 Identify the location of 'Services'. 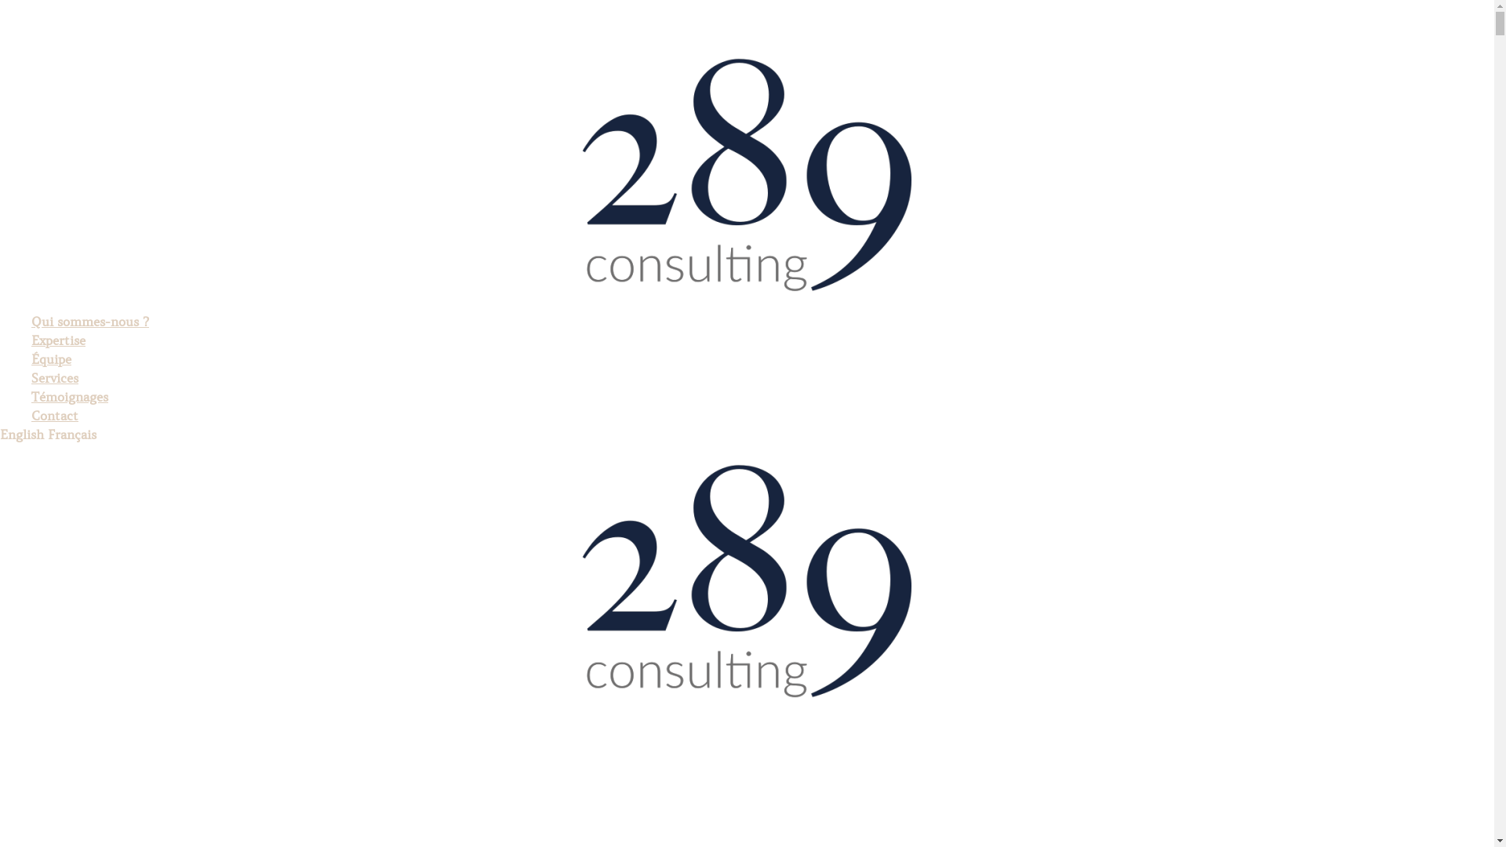
(55, 378).